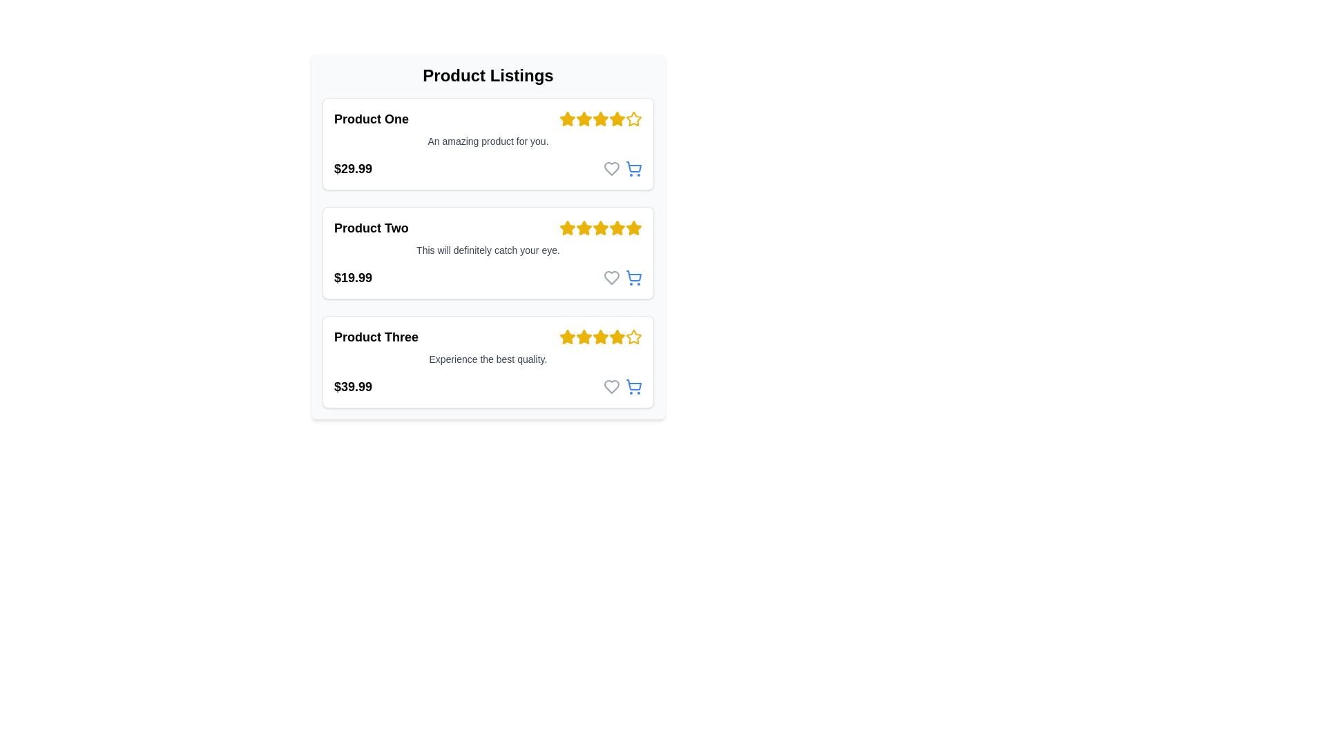 Image resolution: width=1326 pixels, height=745 pixels. I want to click on the third star icon in the 5-star rating system for 'Product Two' to interact with the rating component, so click(584, 227).